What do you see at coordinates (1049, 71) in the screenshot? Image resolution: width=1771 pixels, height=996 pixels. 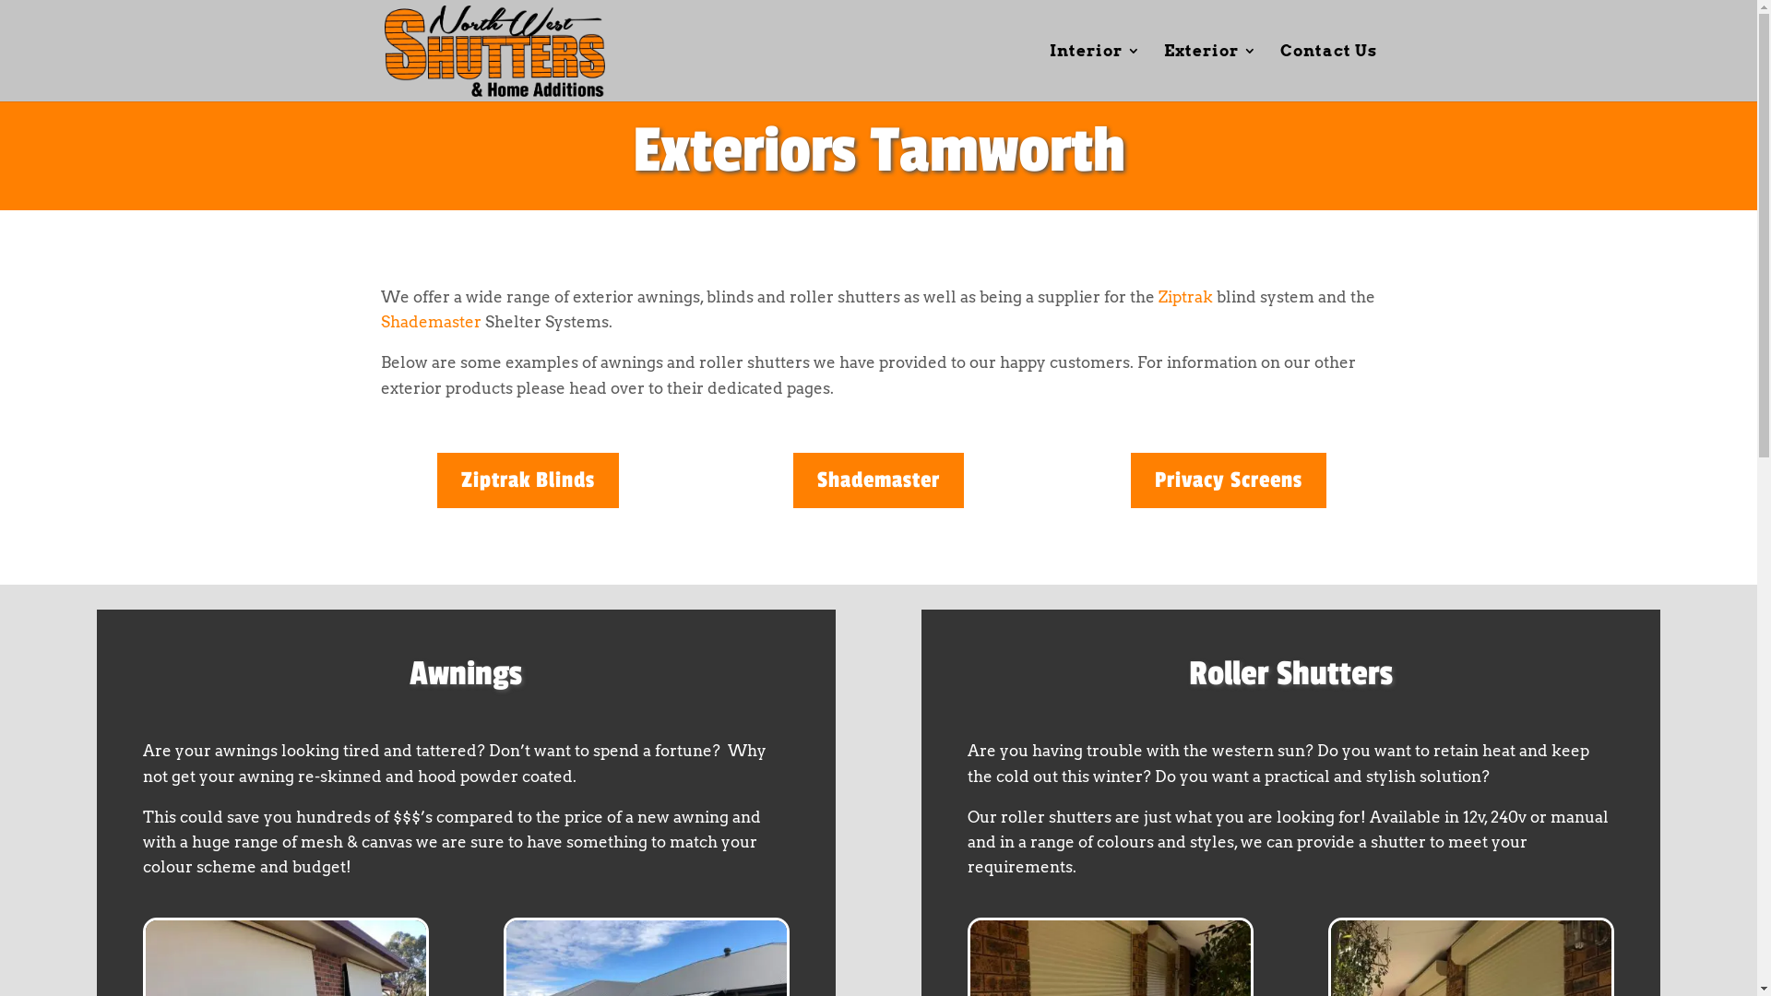 I see `'Interior'` at bounding box center [1049, 71].